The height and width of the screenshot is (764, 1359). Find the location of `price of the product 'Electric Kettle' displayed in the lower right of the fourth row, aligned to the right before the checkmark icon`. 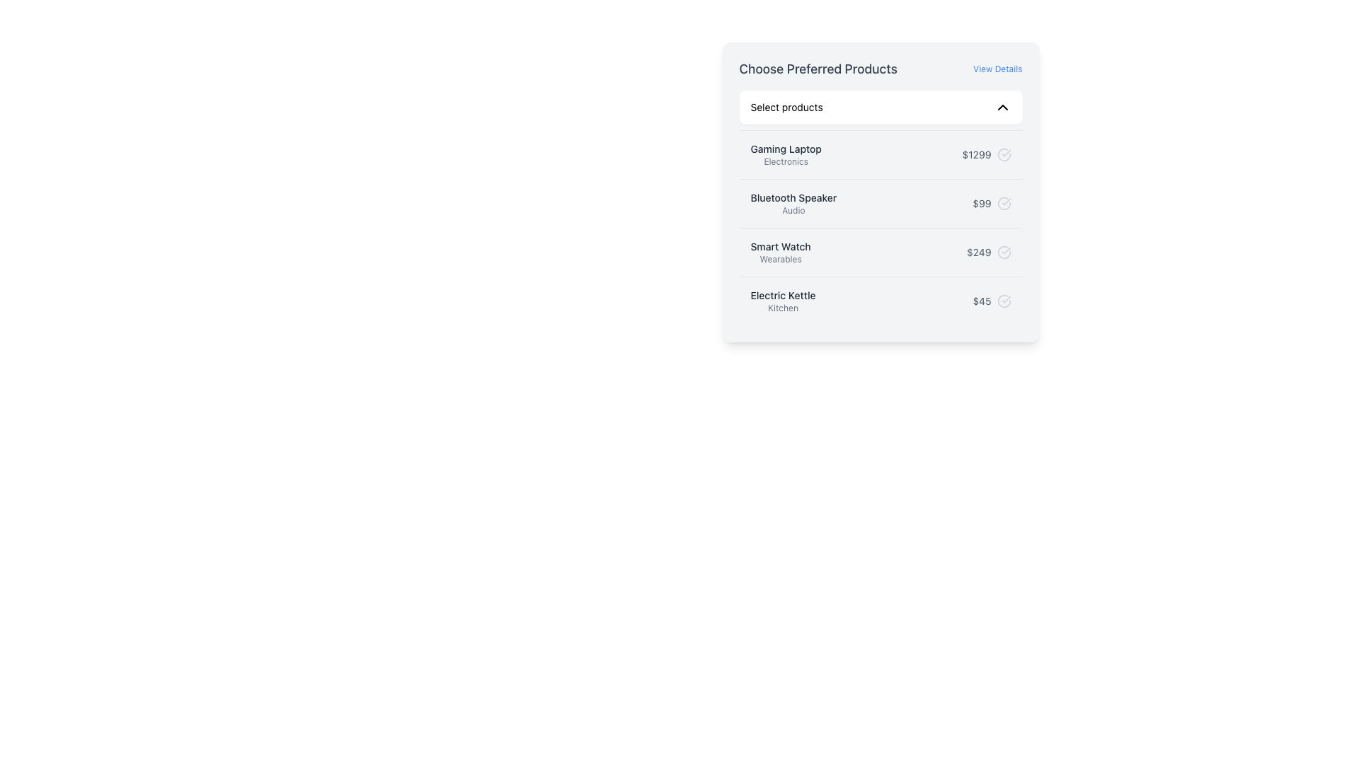

price of the product 'Electric Kettle' displayed in the lower right of the fourth row, aligned to the right before the checkmark icon is located at coordinates (981, 300).